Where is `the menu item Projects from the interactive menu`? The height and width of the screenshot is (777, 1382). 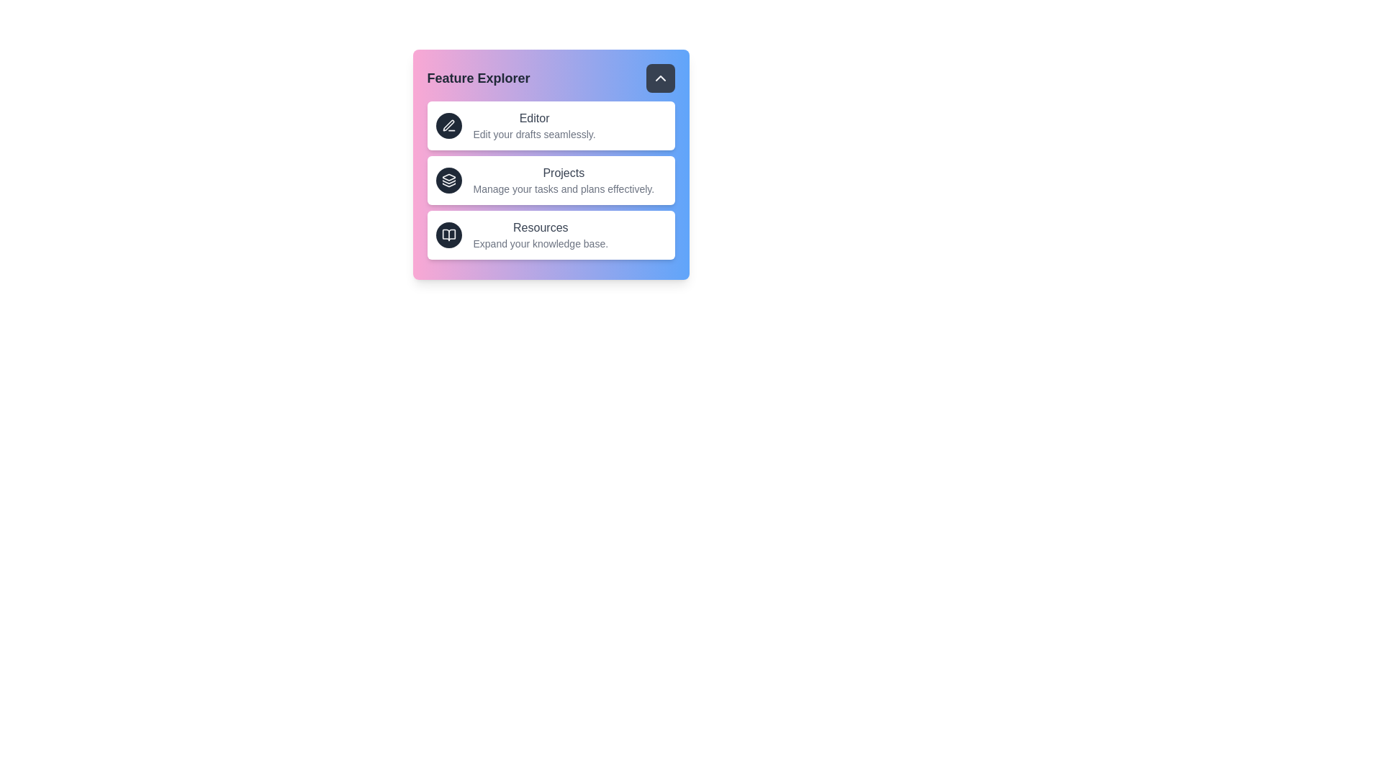 the menu item Projects from the interactive menu is located at coordinates (550, 179).